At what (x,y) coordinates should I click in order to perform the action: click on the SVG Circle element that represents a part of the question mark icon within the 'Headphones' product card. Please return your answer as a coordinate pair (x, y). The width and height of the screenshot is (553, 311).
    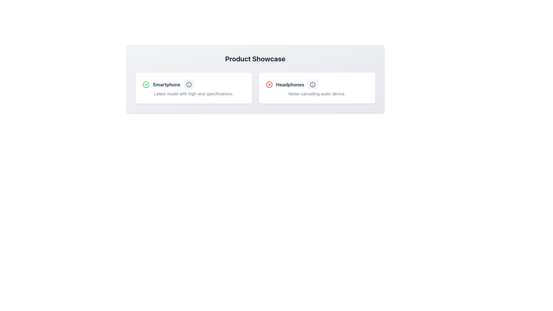
    Looking at the image, I should click on (313, 84).